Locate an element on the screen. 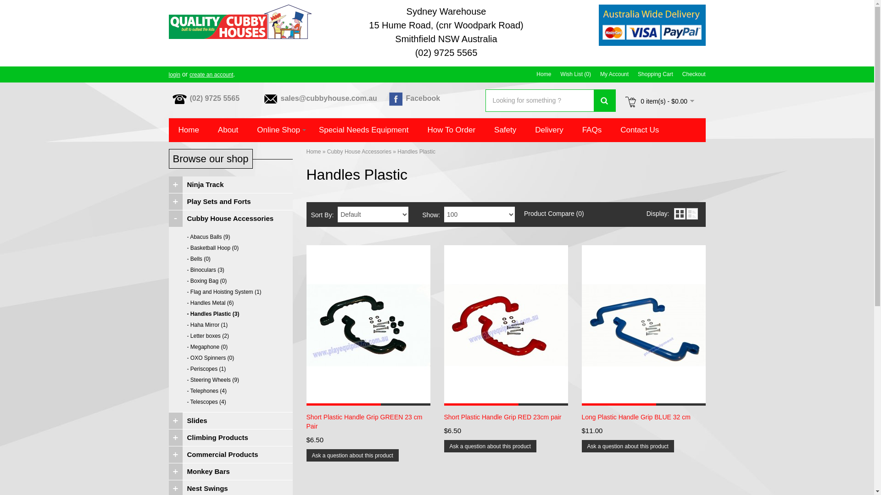 This screenshot has height=495, width=881. 'Climbing Products' is located at coordinates (231, 437).